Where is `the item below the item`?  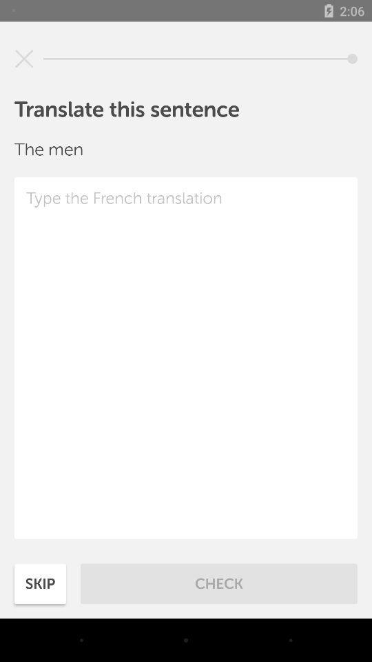
the item below the item is located at coordinates (186, 357).